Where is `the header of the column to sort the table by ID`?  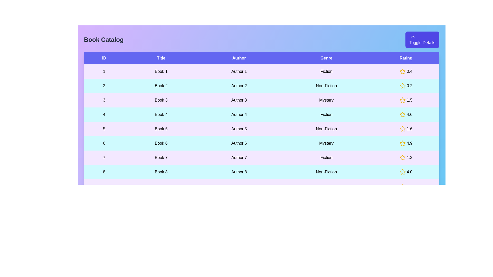 the header of the column to sort the table by ID is located at coordinates (104, 58).